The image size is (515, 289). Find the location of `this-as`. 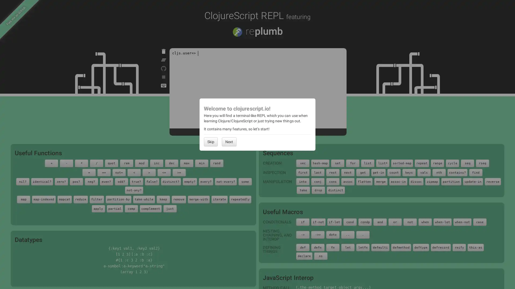

this-as is located at coordinates (476, 247).